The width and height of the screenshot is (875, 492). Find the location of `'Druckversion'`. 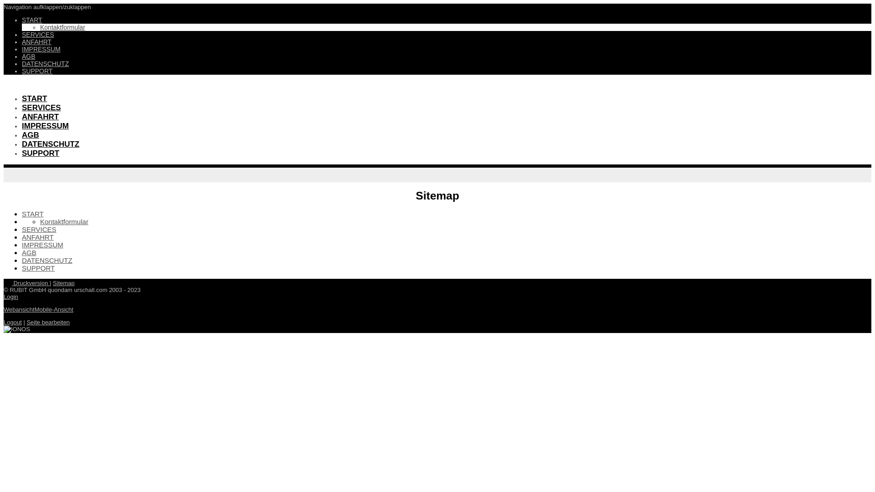

'Druckversion' is located at coordinates (26, 282).